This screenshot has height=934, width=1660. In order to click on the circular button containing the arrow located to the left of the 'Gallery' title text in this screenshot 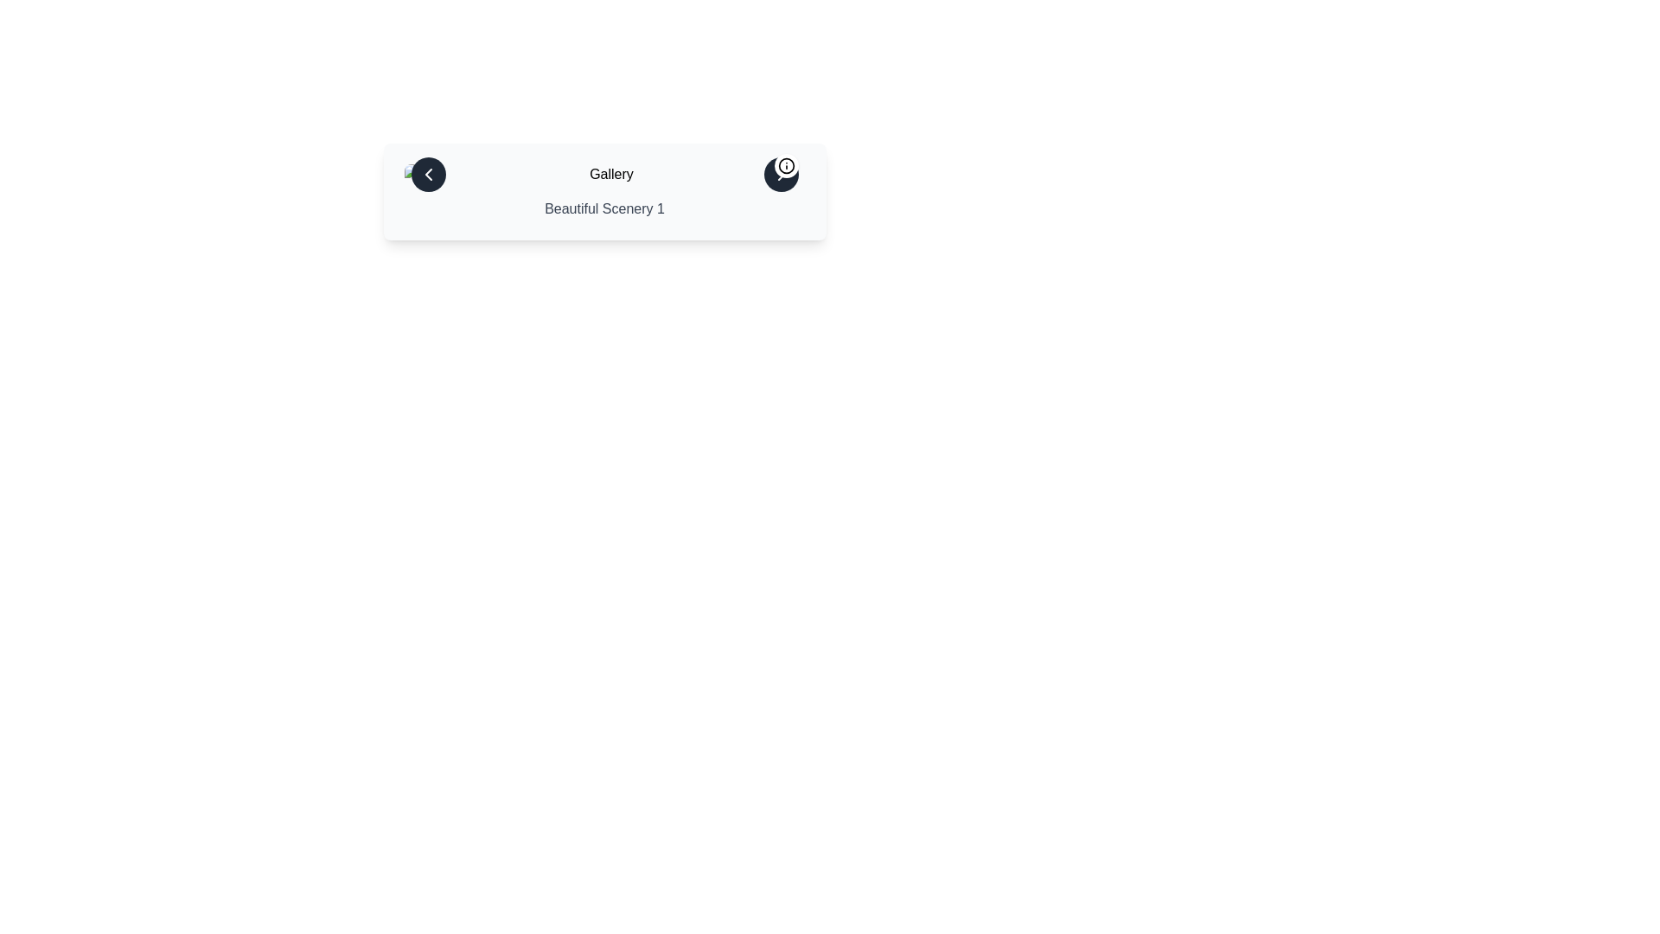, I will do `click(428, 174)`.